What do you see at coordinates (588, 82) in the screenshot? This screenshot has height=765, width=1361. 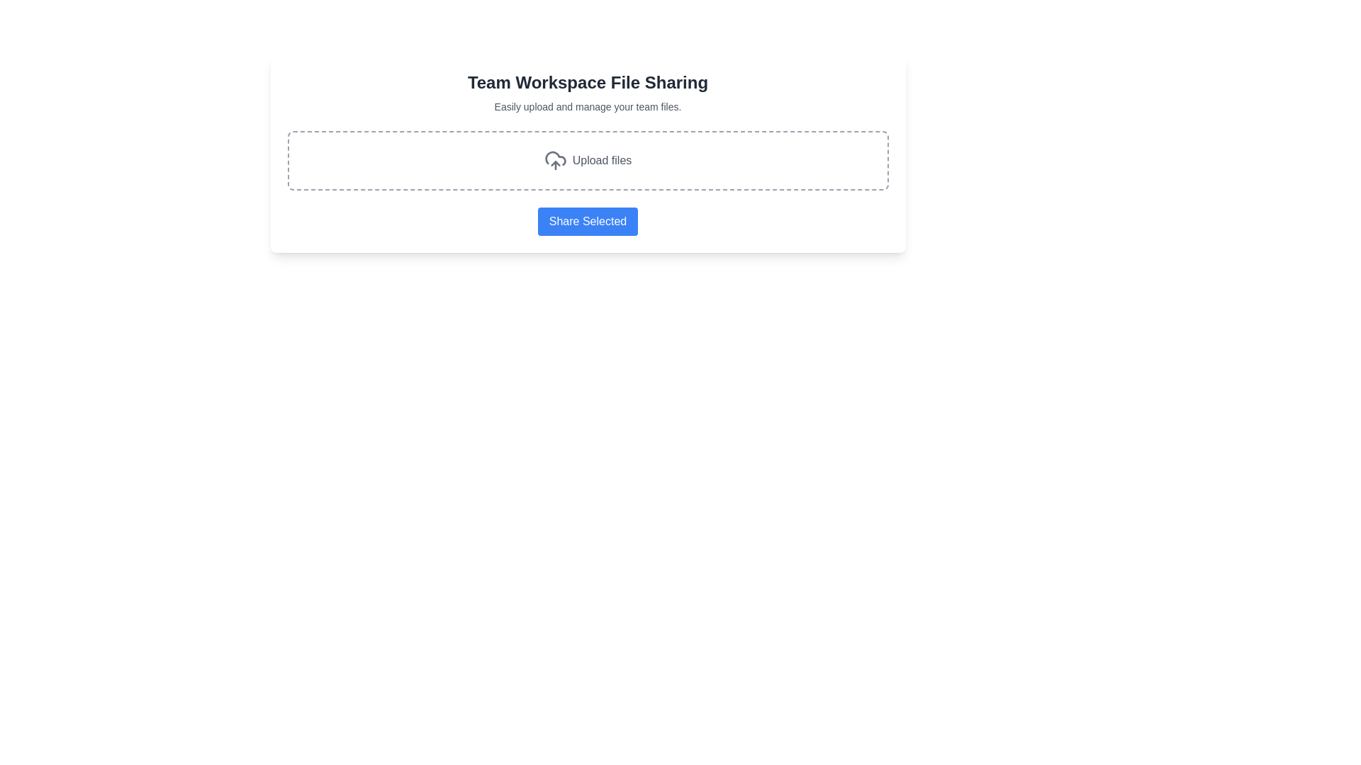 I see `the header text 'Team Workspace File Sharing' which is styled with a bold and large font at the top of the content section` at bounding box center [588, 82].